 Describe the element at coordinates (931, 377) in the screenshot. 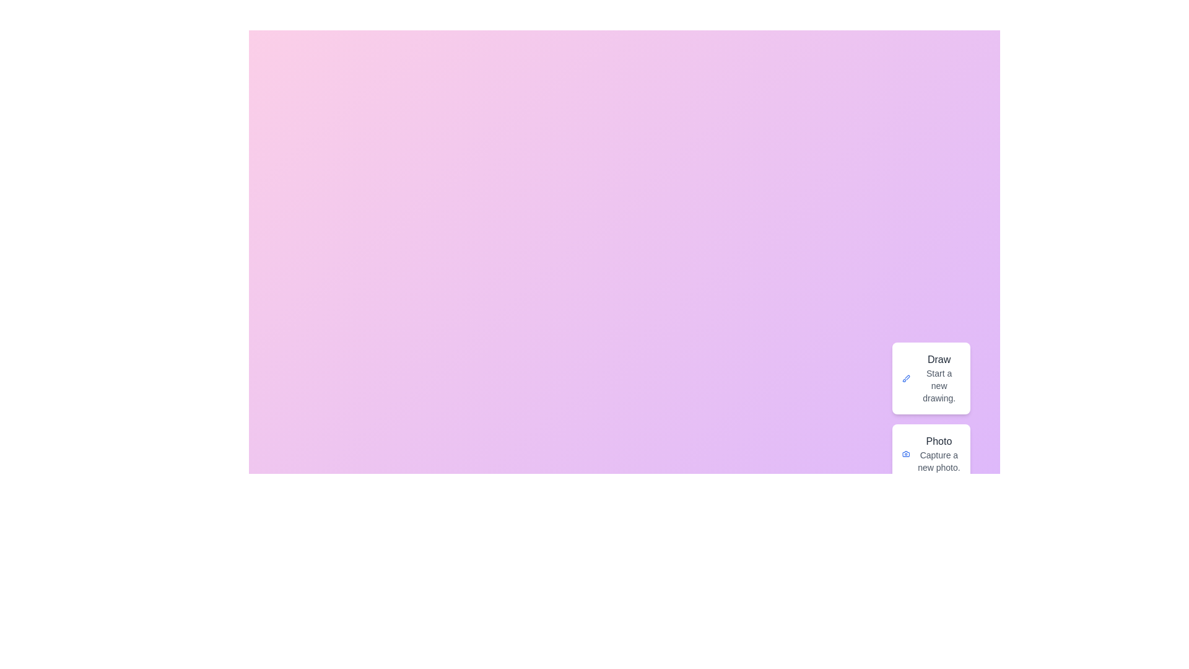

I see `the Draw option from the speed dial menu` at that location.